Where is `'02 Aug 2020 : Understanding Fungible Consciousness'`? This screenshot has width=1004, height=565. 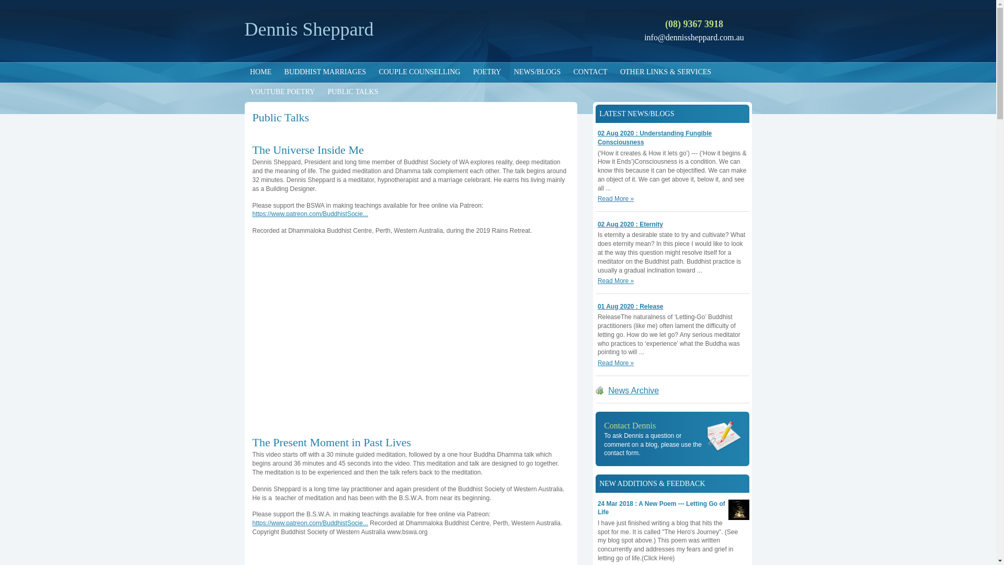 '02 Aug 2020 : Understanding Fungible Consciousness' is located at coordinates (654, 137).